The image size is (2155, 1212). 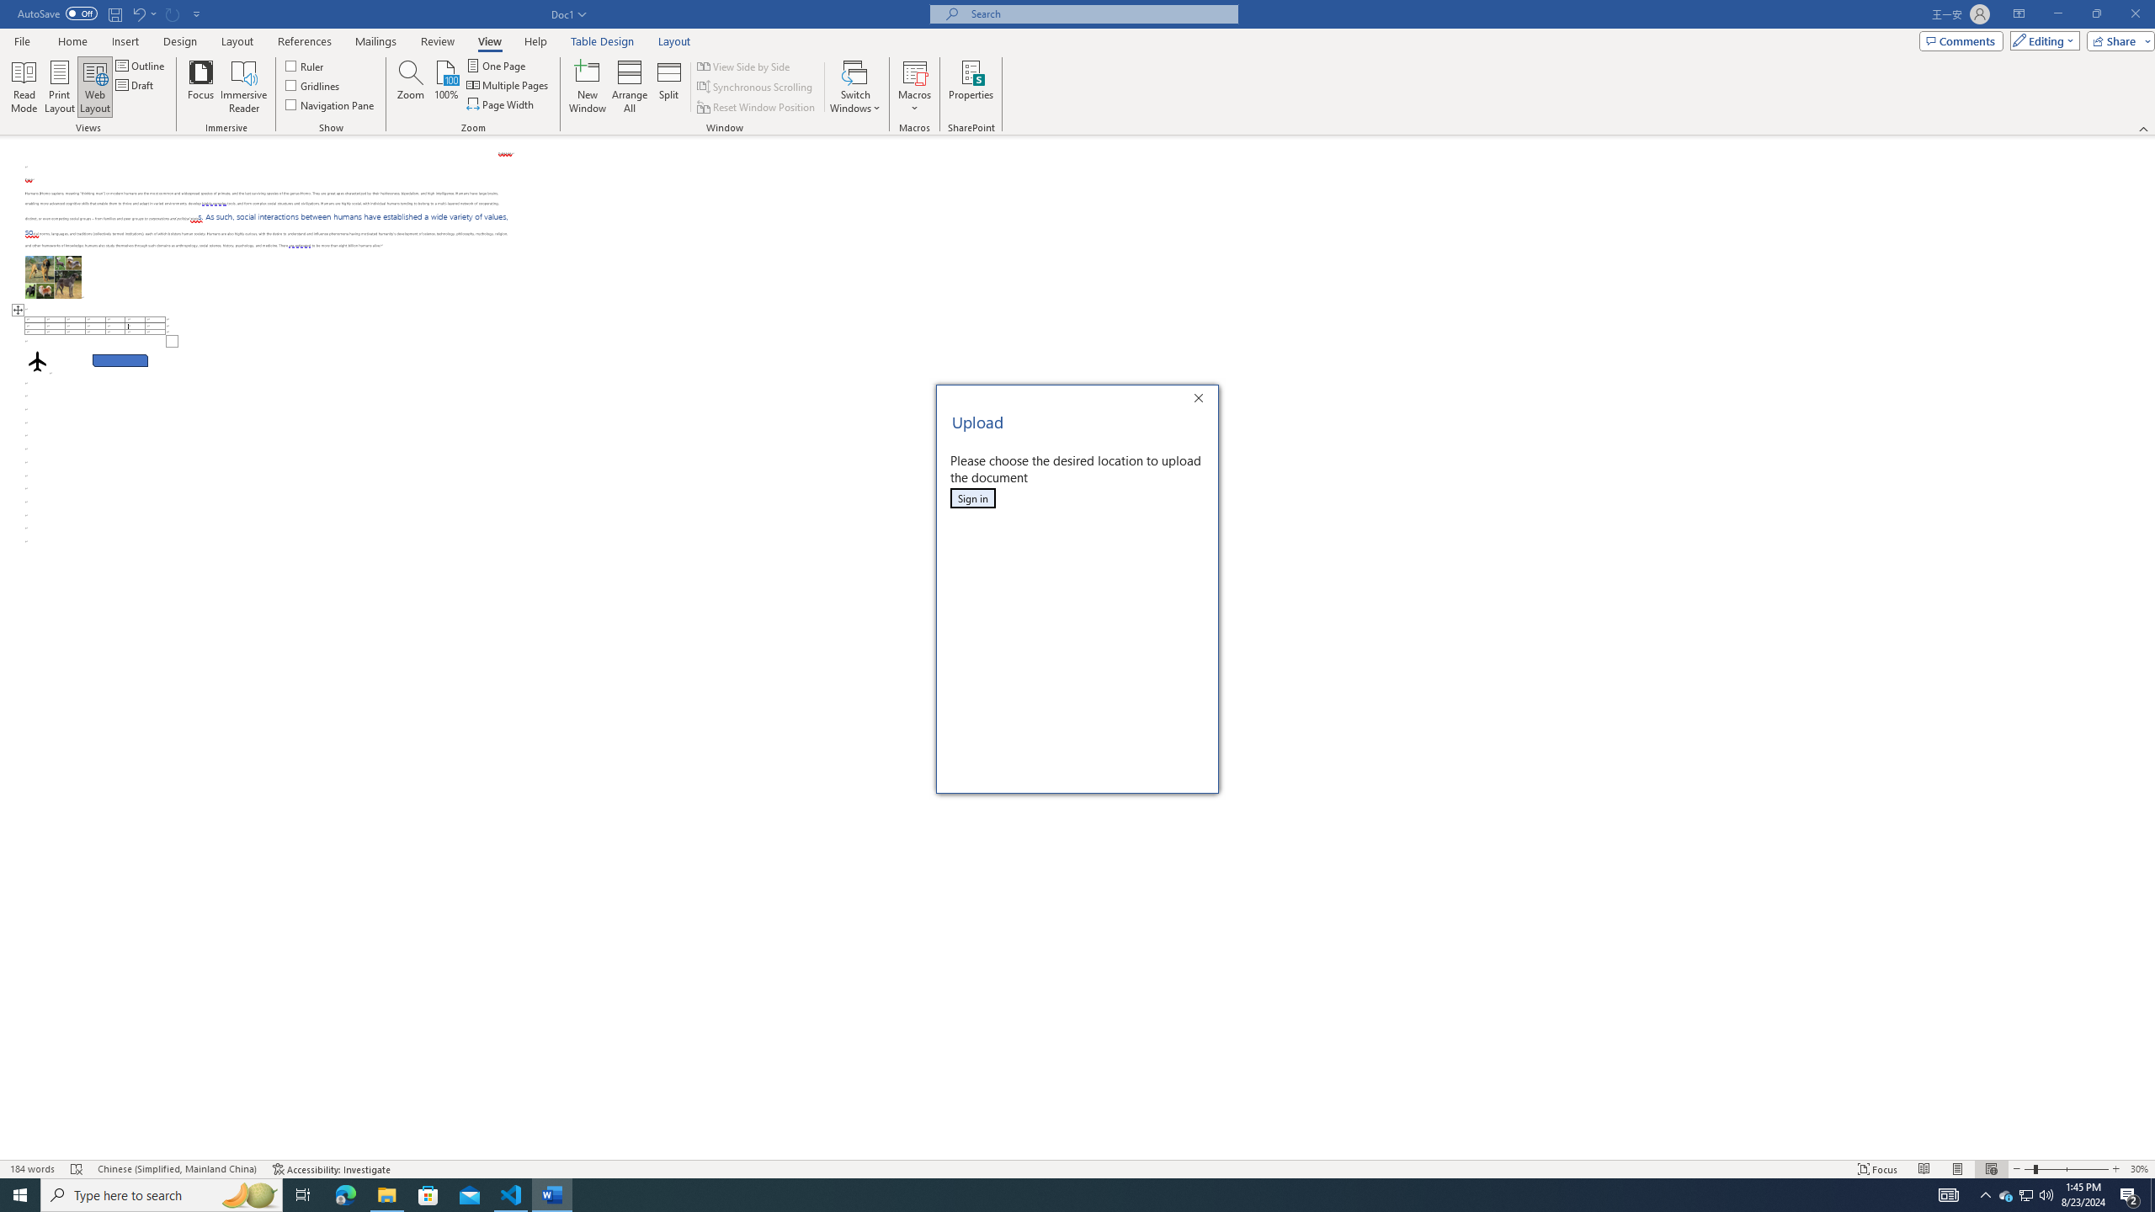 I want to click on 'Arrange All', so click(x=629, y=87).